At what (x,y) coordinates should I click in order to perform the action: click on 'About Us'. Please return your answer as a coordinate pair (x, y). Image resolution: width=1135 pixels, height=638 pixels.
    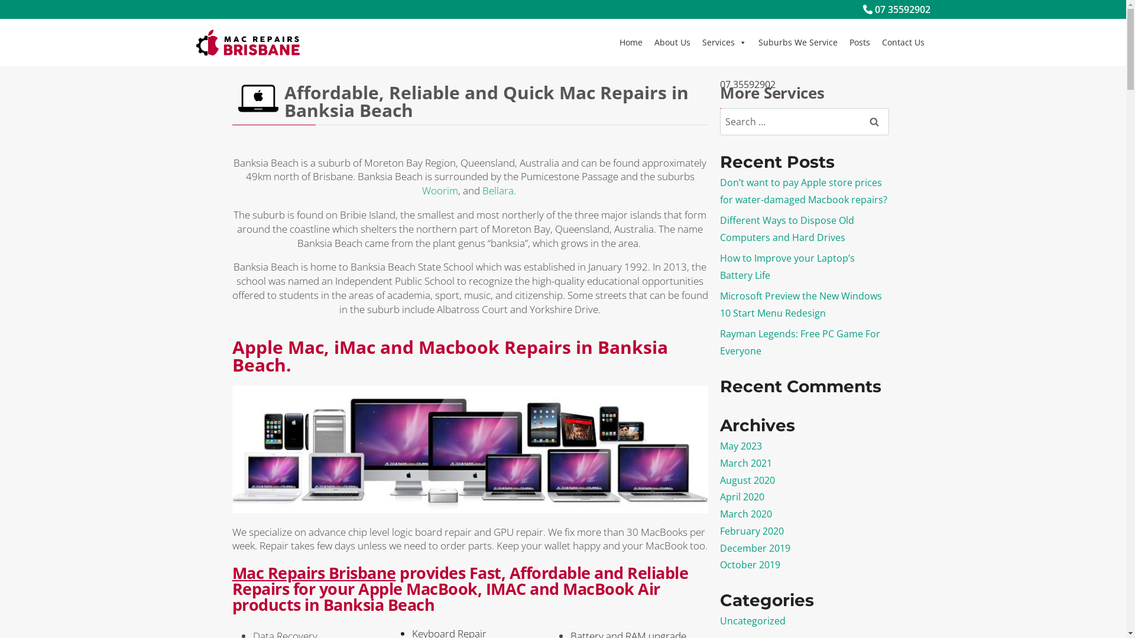
    Looking at the image, I should click on (647, 42).